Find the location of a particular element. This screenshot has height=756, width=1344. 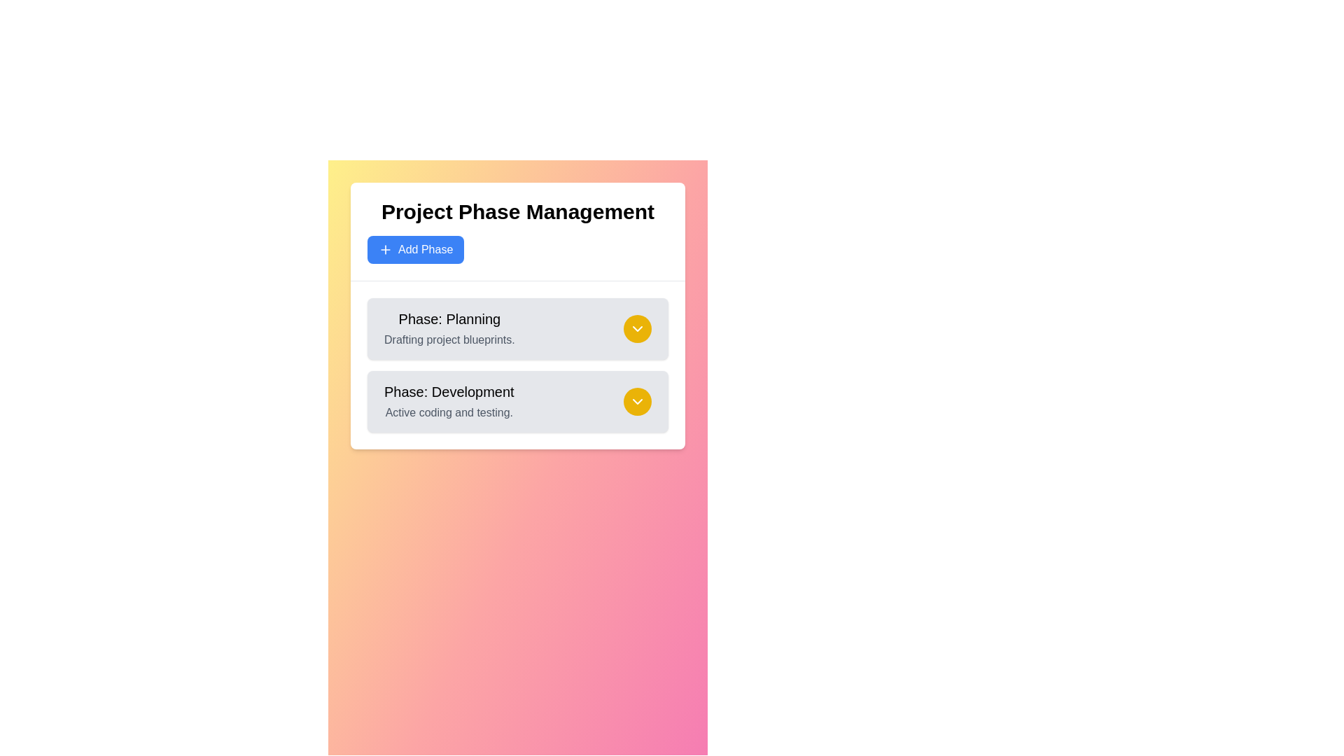

the icon located inside the blue 'Add Phase' button is located at coordinates (386, 249).